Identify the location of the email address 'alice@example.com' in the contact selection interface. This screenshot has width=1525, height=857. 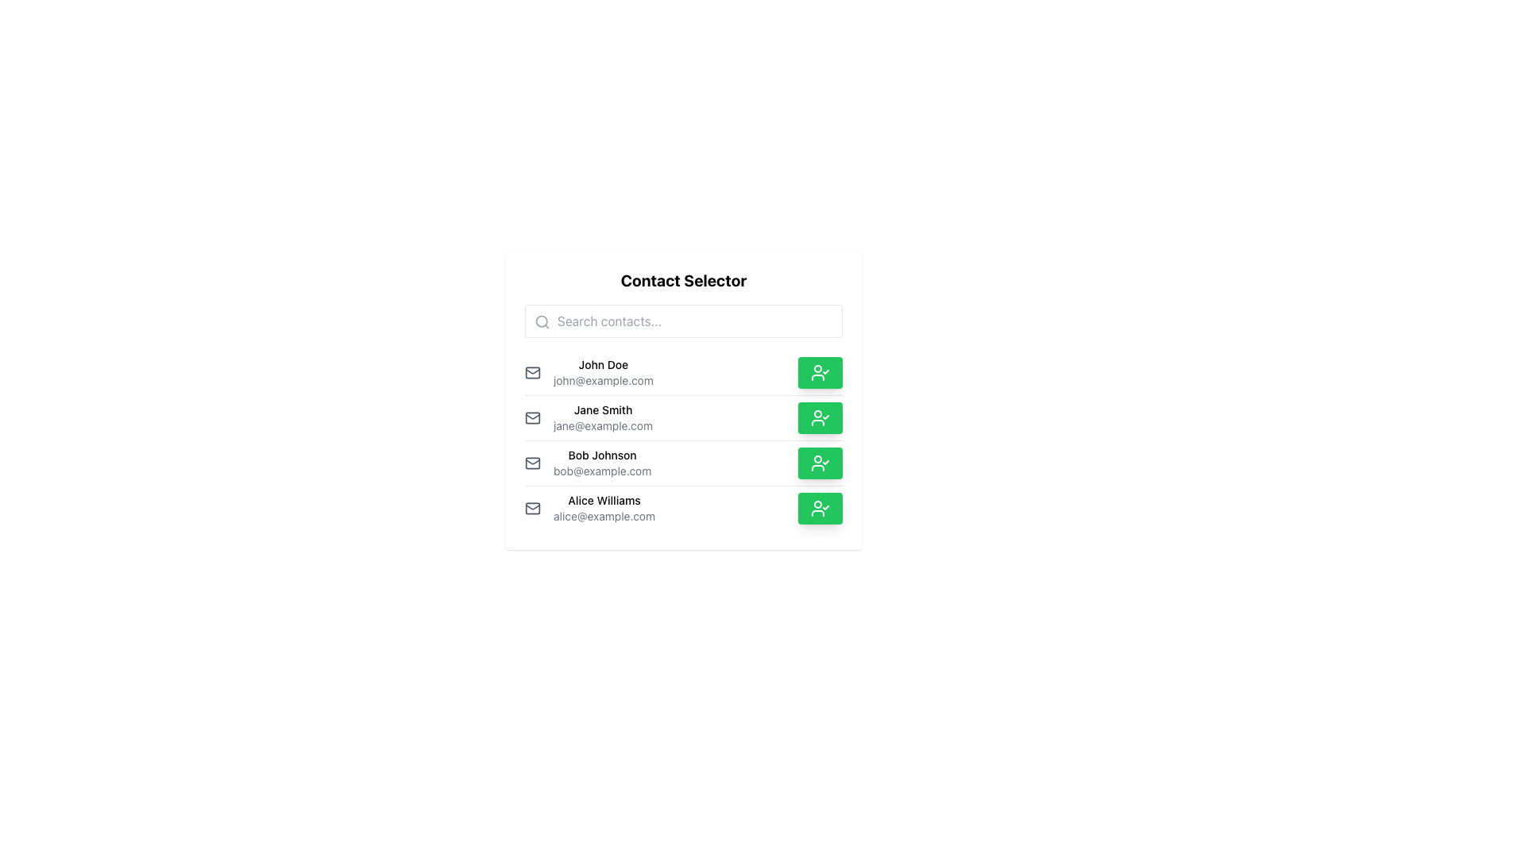
(683, 508).